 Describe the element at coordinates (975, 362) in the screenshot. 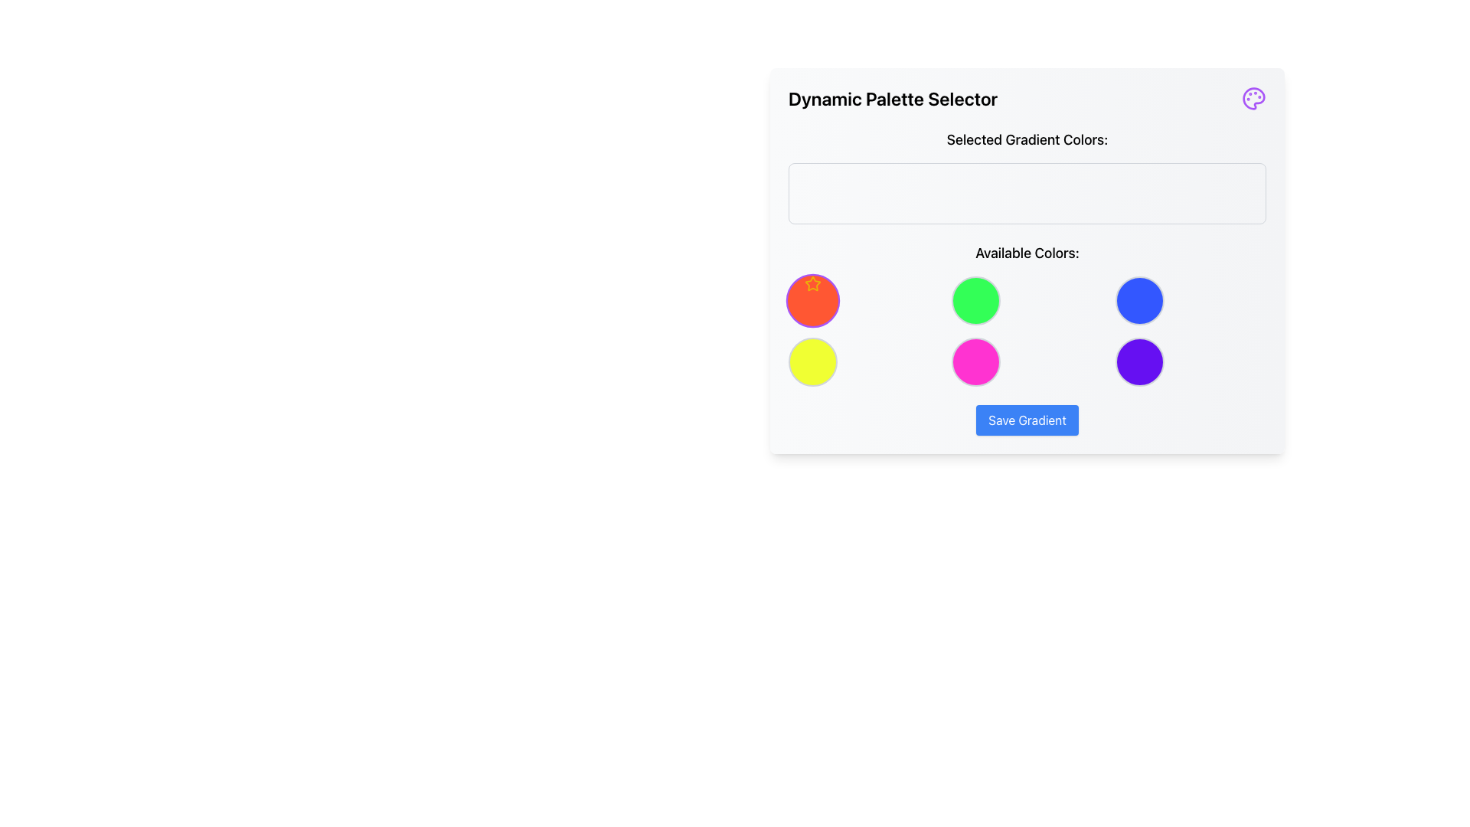

I see `the selectable color option button in the 'Available Colors' section of the 'Dynamic Palette Selector'` at that location.